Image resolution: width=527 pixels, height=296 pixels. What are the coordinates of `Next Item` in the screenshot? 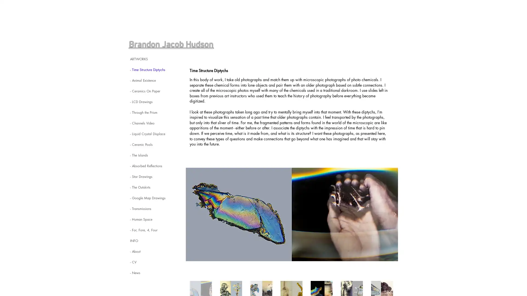 It's located at (395, 214).